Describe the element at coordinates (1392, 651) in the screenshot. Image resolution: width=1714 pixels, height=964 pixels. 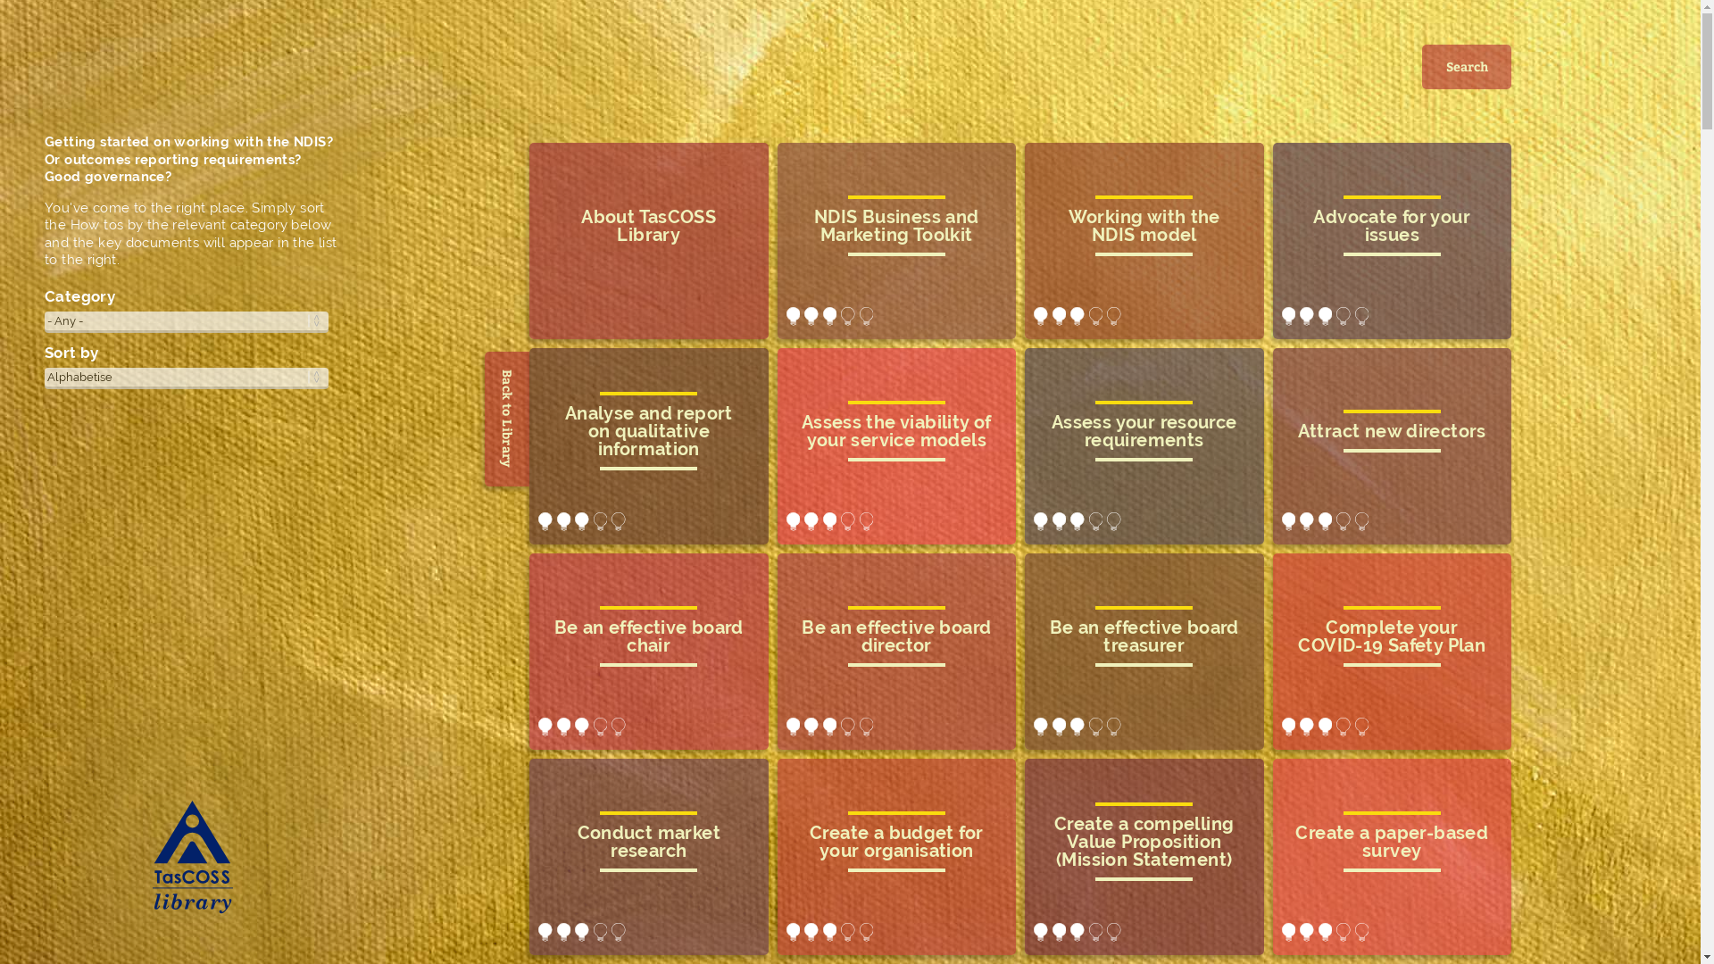
I see `'complete your COVID-19 Safety Plan'` at that location.